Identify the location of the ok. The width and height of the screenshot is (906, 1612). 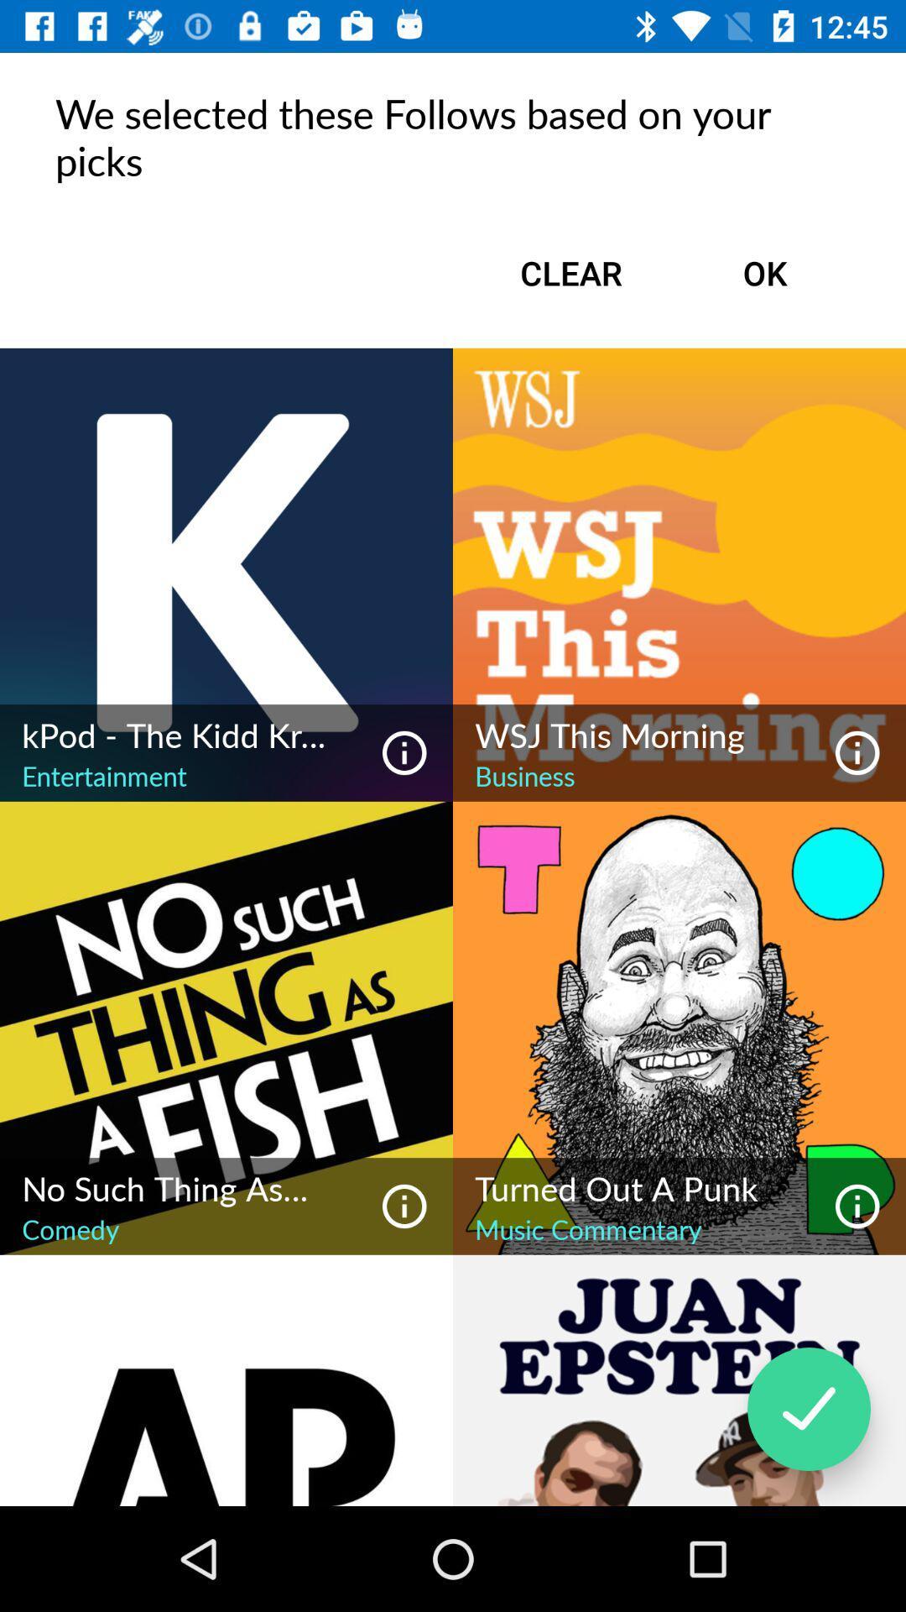
(764, 273).